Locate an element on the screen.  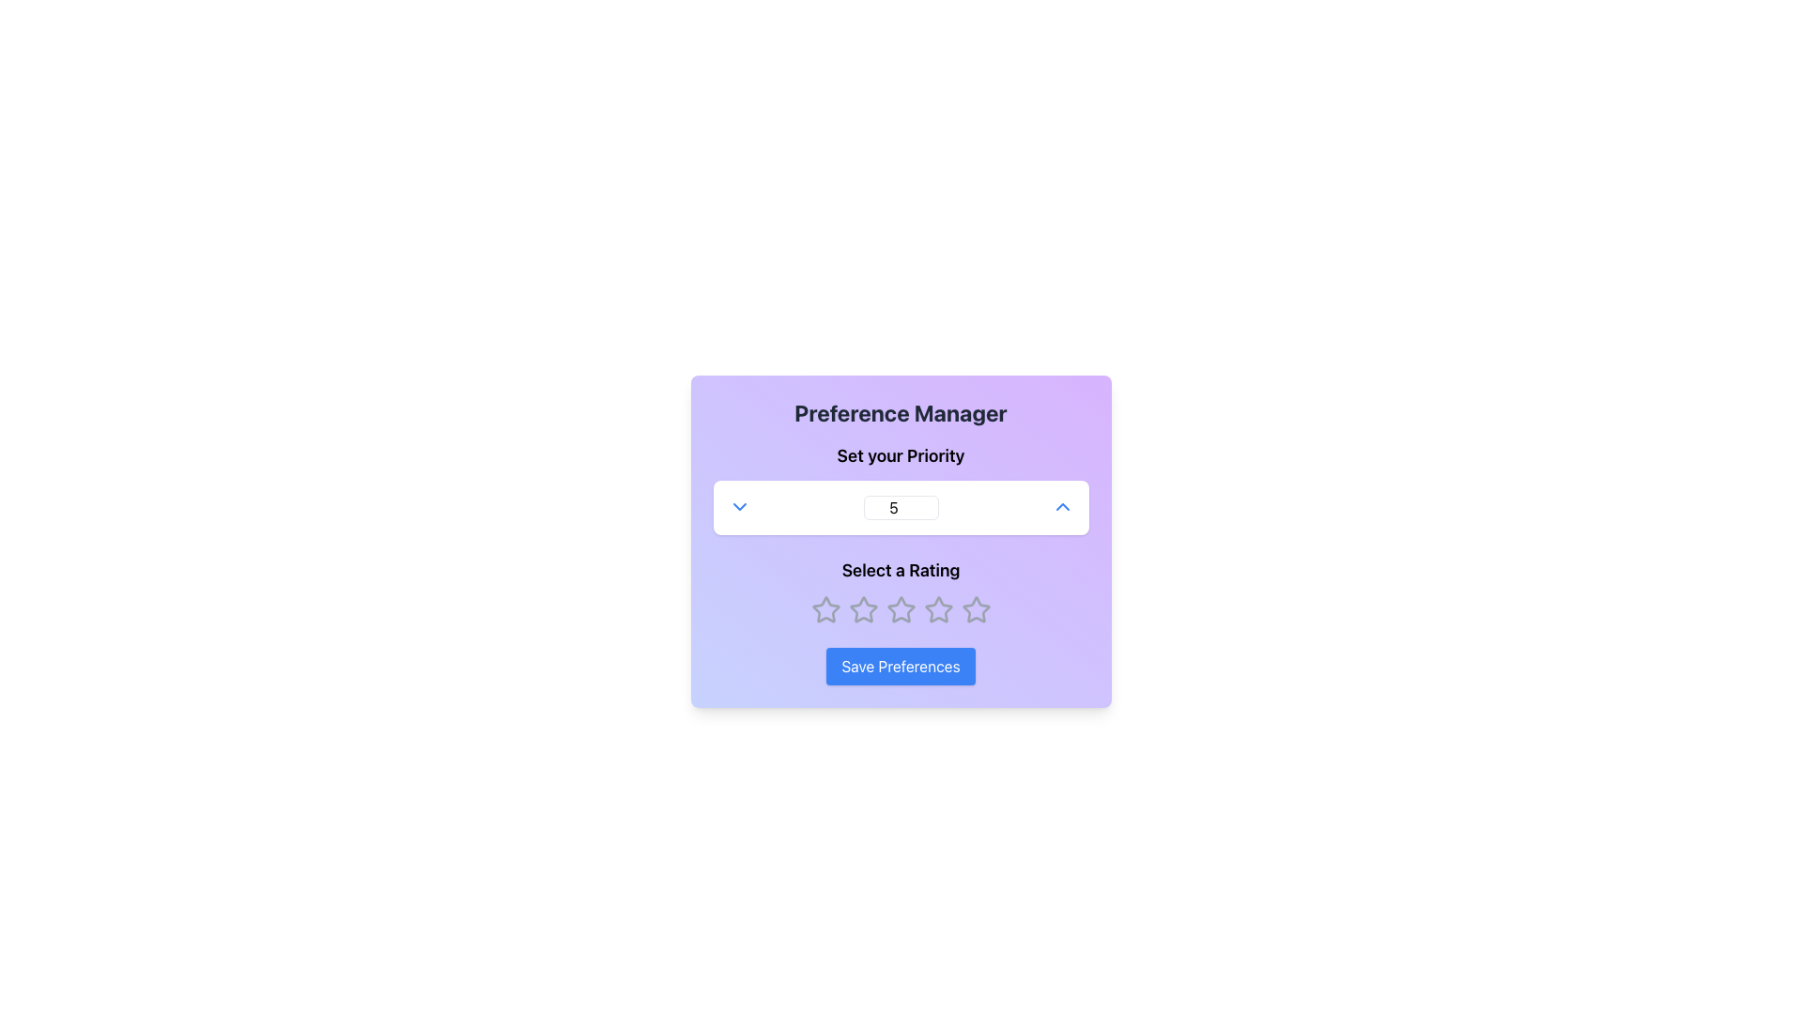
the fifth star icon in the rating system located under the 'Select a Rating' heading is located at coordinates (976, 610).